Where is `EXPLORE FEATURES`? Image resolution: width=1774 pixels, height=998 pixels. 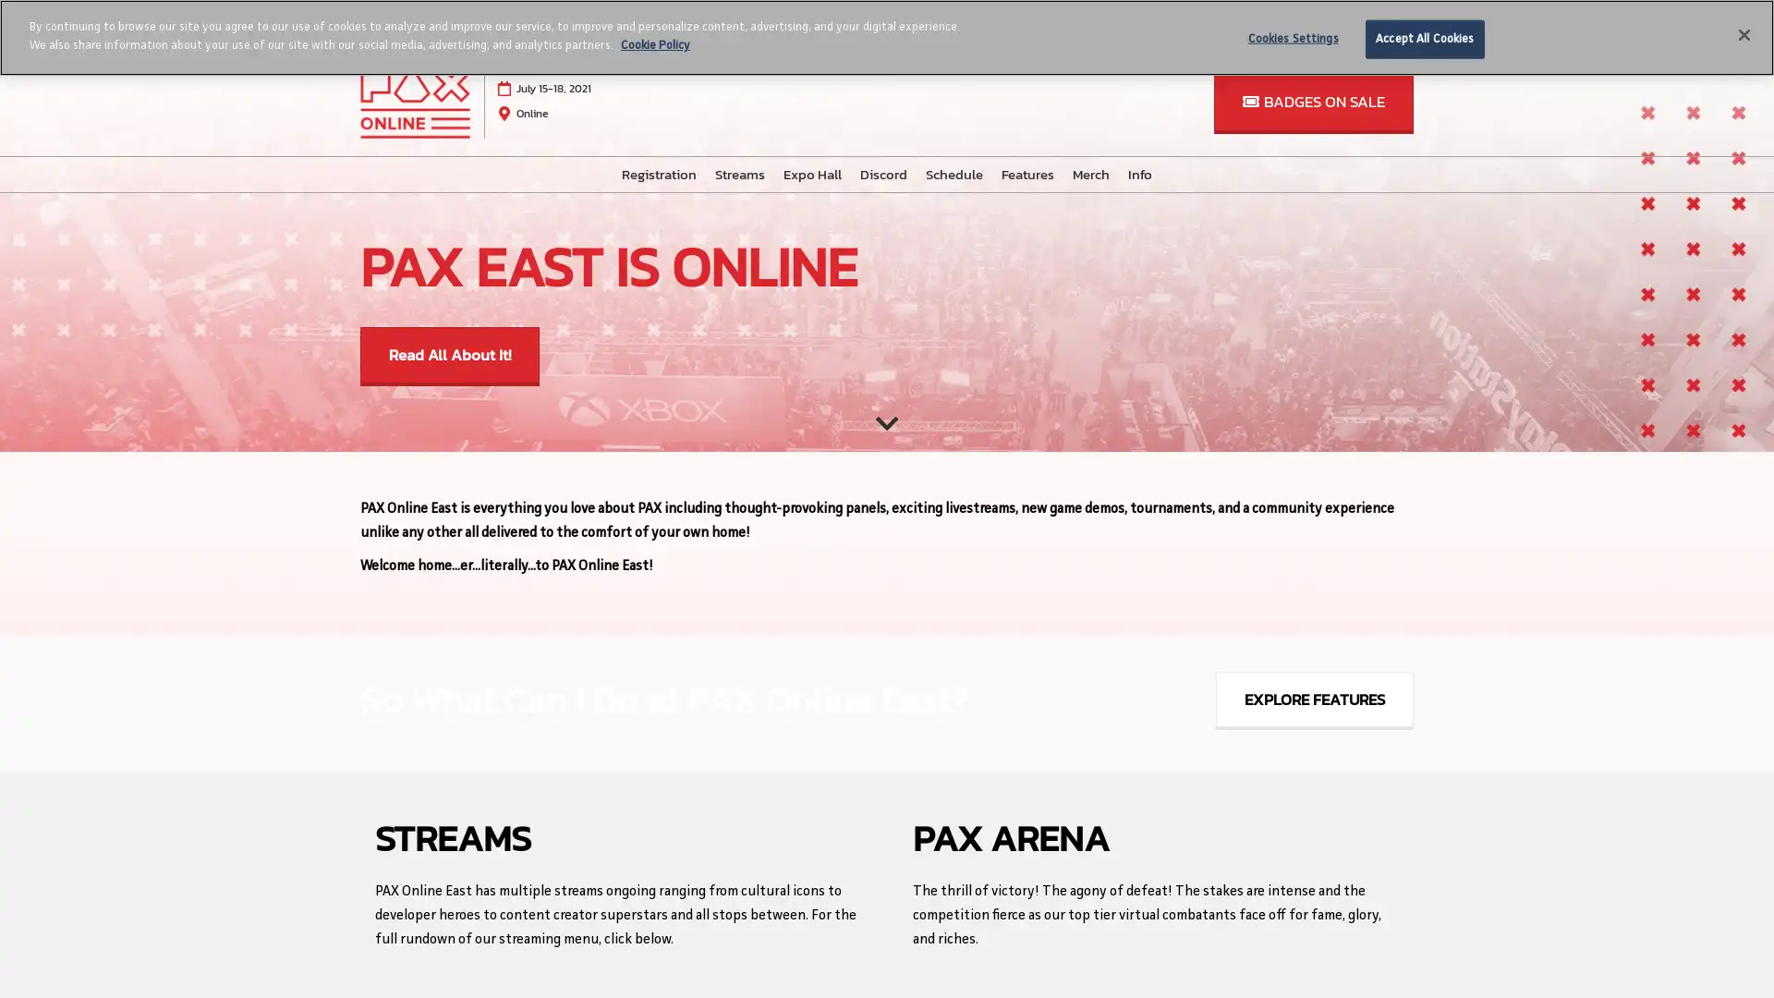
EXPLORE FEATURES is located at coordinates (1313, 700).